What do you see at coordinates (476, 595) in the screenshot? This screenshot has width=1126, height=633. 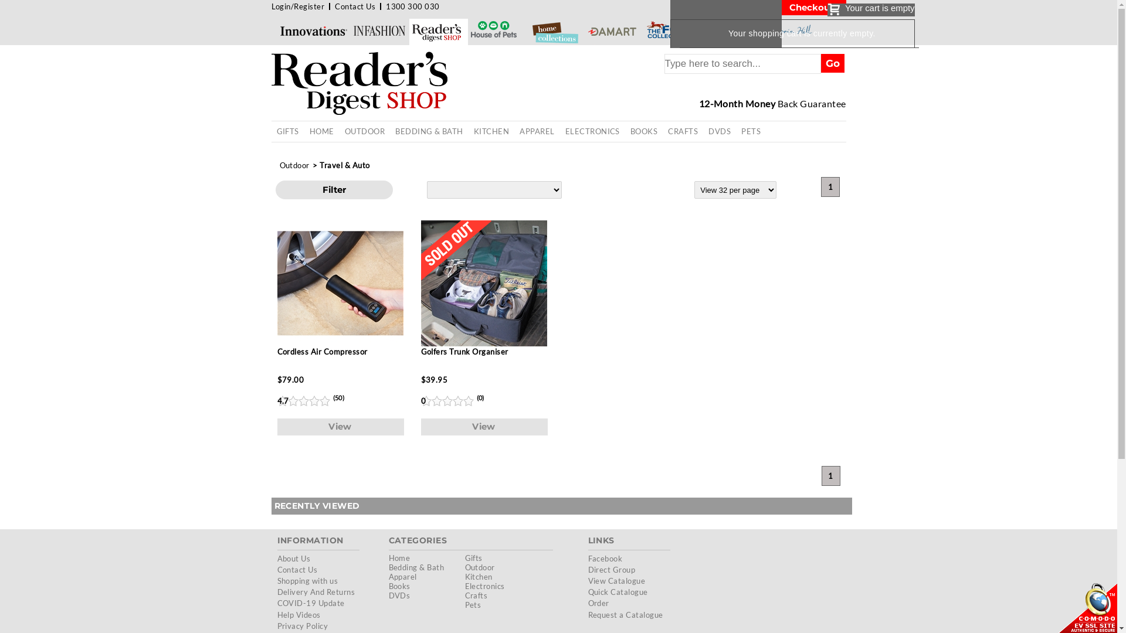 I see `'Crafts'` at bounding box center [476, 595].